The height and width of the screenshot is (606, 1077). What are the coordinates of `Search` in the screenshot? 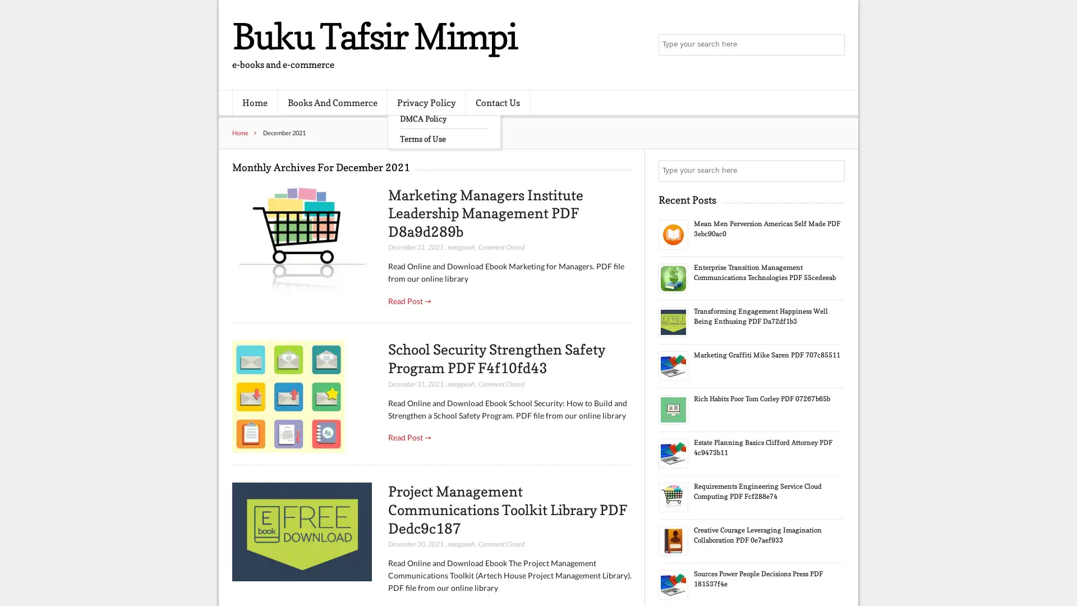 It's located at (833, 45).